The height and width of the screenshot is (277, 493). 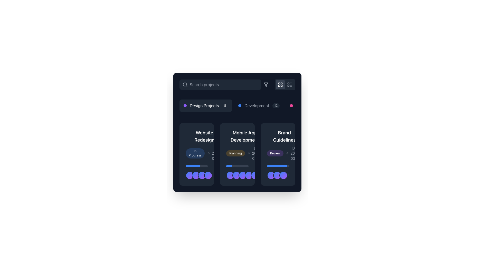 I want to click on the Avatar Group element located at the bottom of the 'Mobile App Development' card, which visually represents team members involved in the project, so click(x=245, y=175).